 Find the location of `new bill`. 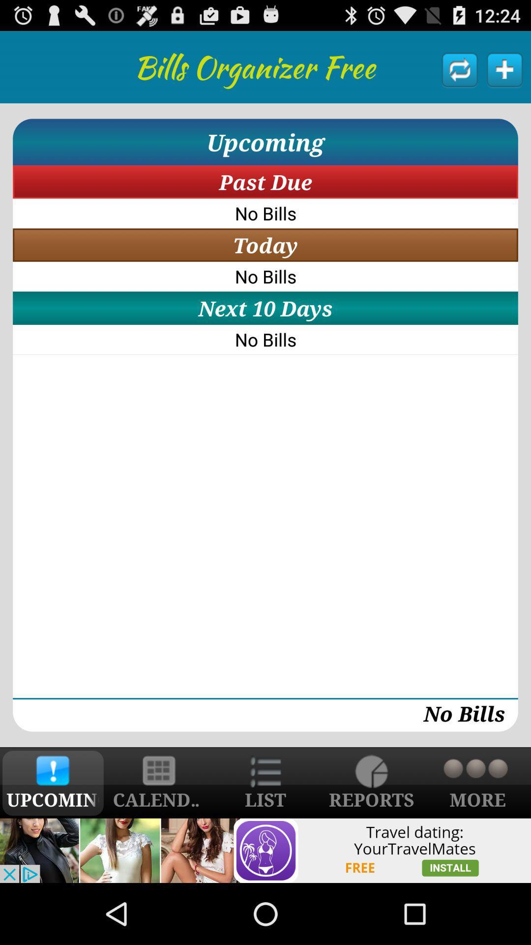

new bill is located at coordinates (505, 69).